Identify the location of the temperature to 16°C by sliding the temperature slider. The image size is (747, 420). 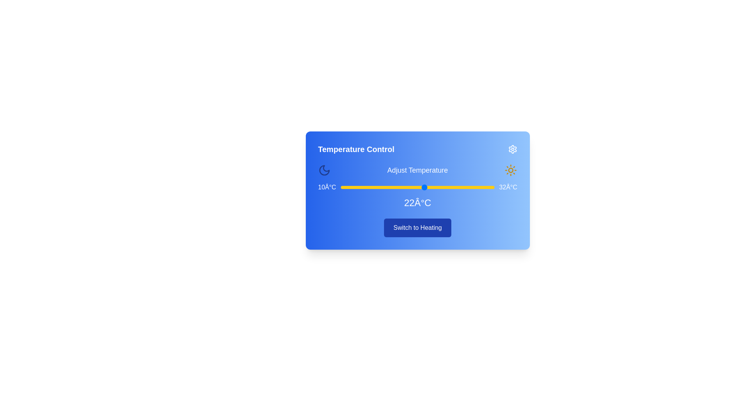
(382, 187).